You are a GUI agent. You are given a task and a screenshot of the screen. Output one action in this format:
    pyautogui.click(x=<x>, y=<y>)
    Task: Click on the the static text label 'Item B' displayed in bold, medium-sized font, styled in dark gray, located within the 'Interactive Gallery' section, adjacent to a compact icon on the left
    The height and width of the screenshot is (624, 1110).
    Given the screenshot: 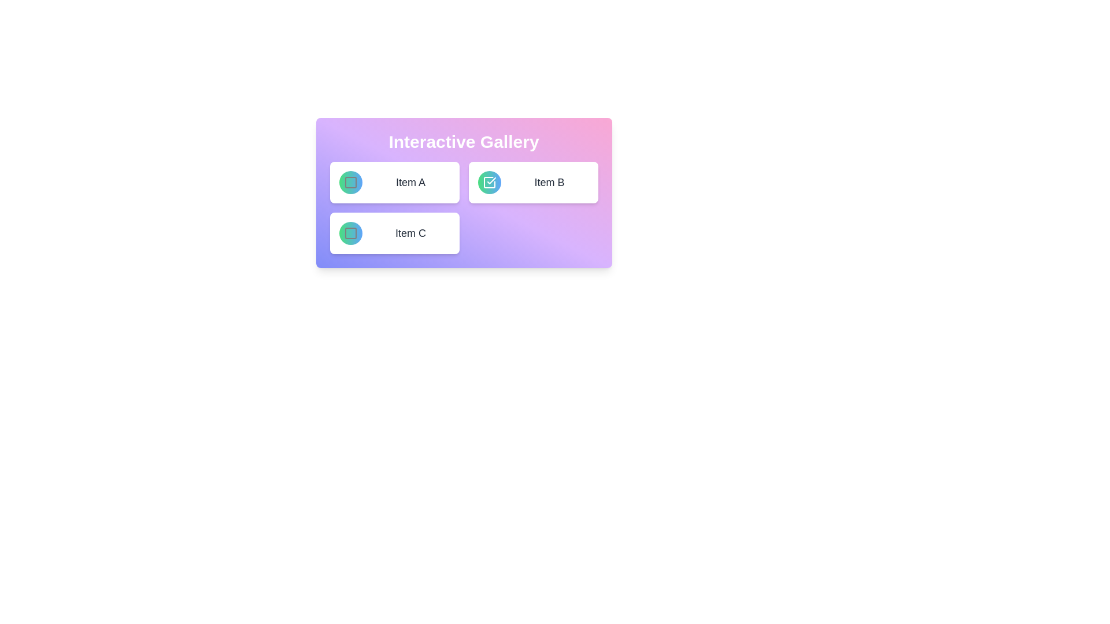 What is the action you would take?
    pyautogui.click(x=549, y=182)
    